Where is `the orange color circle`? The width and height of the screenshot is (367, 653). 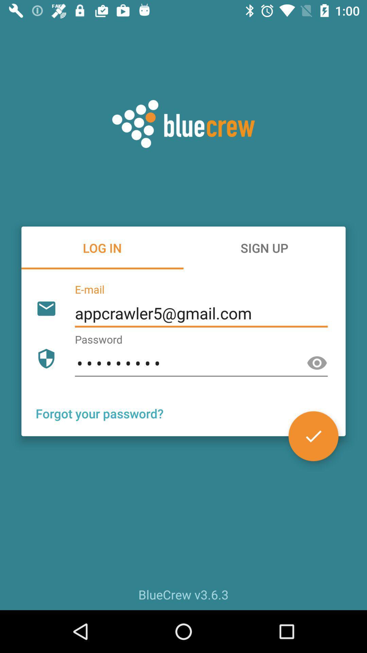
the orange color circle is located at coordinates (313, 436).